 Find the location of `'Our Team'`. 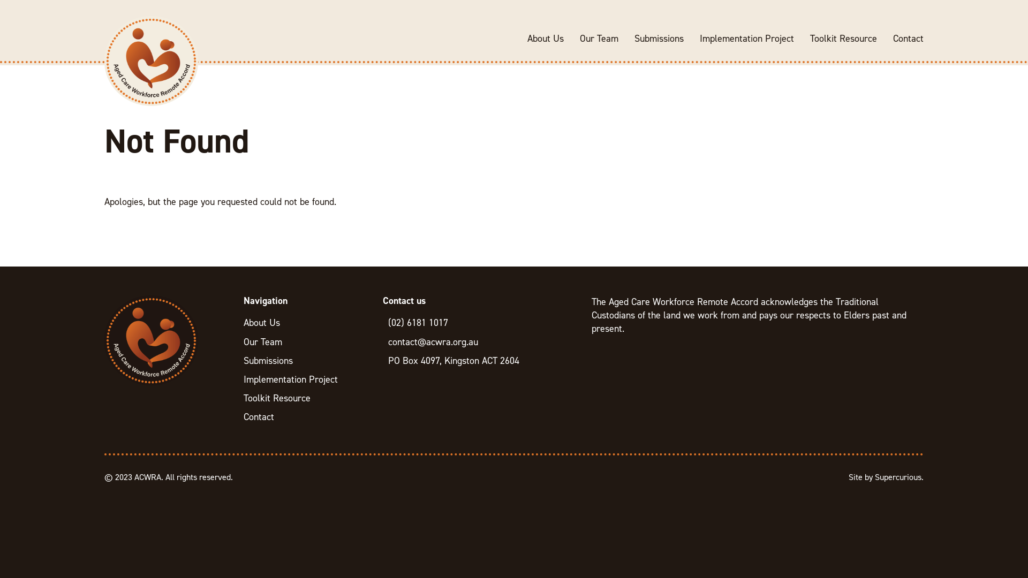

'Our Team' is located at coordinates (305, 342).